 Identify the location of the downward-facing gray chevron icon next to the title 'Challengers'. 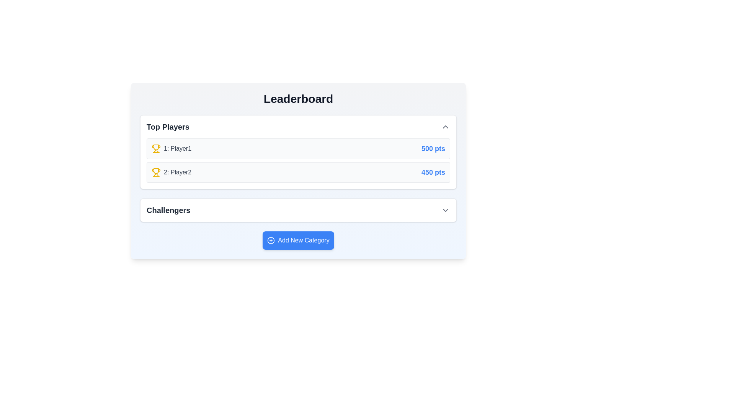
(445, 210).